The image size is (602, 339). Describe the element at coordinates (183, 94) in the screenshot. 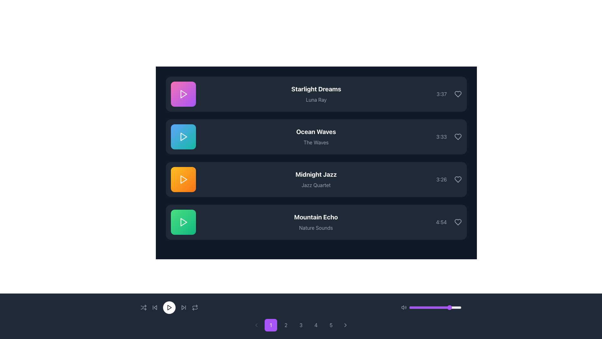

I see `the button to play the song 'Starlight Dreams', which is located at the leftmost side of the top row aligned with the song title and artist name` at that location.